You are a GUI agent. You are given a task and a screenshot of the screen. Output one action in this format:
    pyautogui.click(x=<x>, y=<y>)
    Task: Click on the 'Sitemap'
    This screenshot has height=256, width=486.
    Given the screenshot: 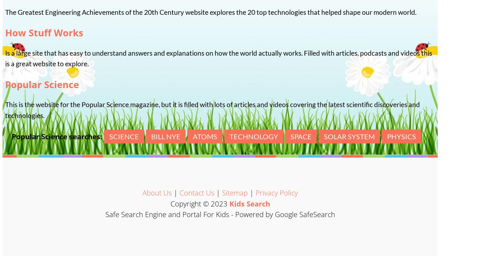 What is the action you would take?
    pyautogui.click(x=222, y=192)
    